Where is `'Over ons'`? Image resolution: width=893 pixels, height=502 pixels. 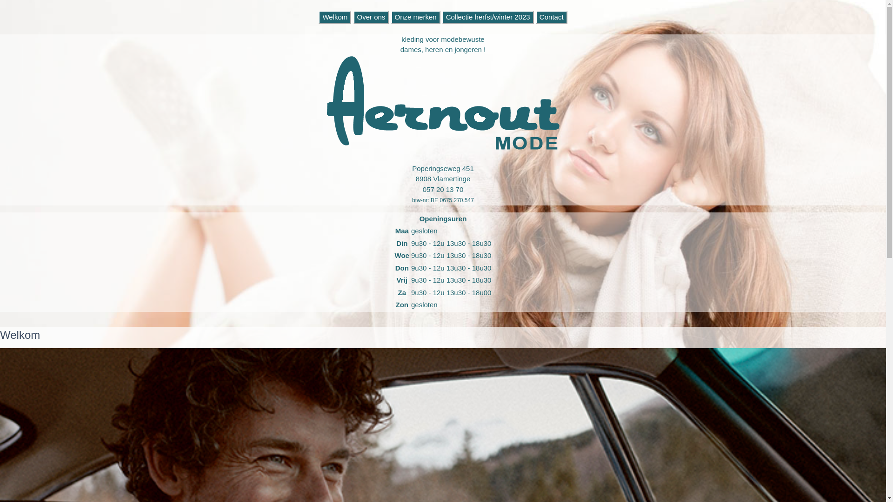 'Over ons' is located at coordinates (353, 17).